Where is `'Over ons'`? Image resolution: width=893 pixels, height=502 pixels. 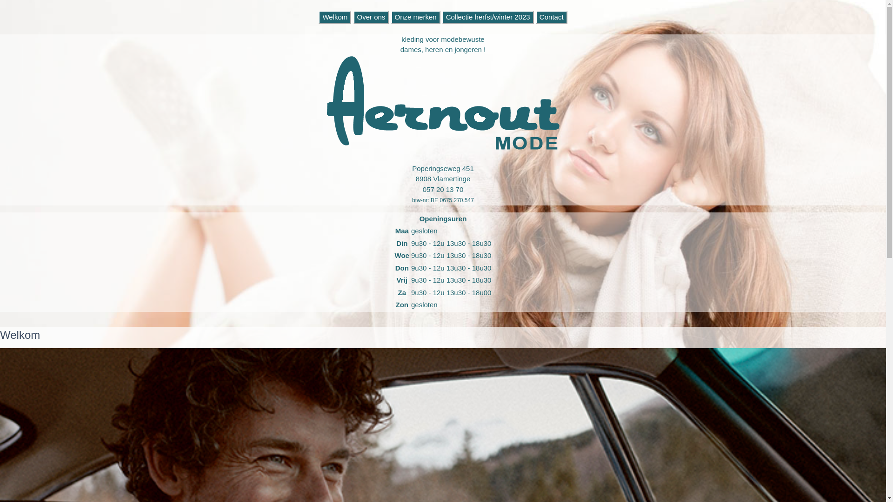 'Over ons' is located at coordinates (353, 17).